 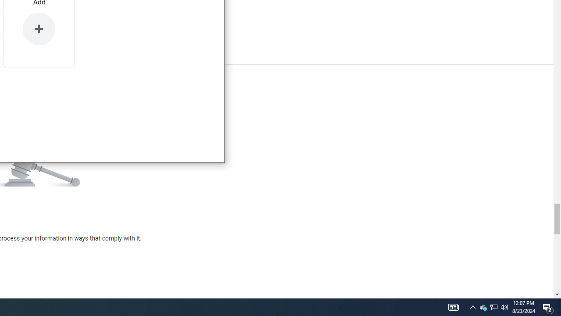 What do you see at coordinates (483, 306) in the screenshot?
I see `'User Promoted Notification Area'` at bounding box center [483, 306].